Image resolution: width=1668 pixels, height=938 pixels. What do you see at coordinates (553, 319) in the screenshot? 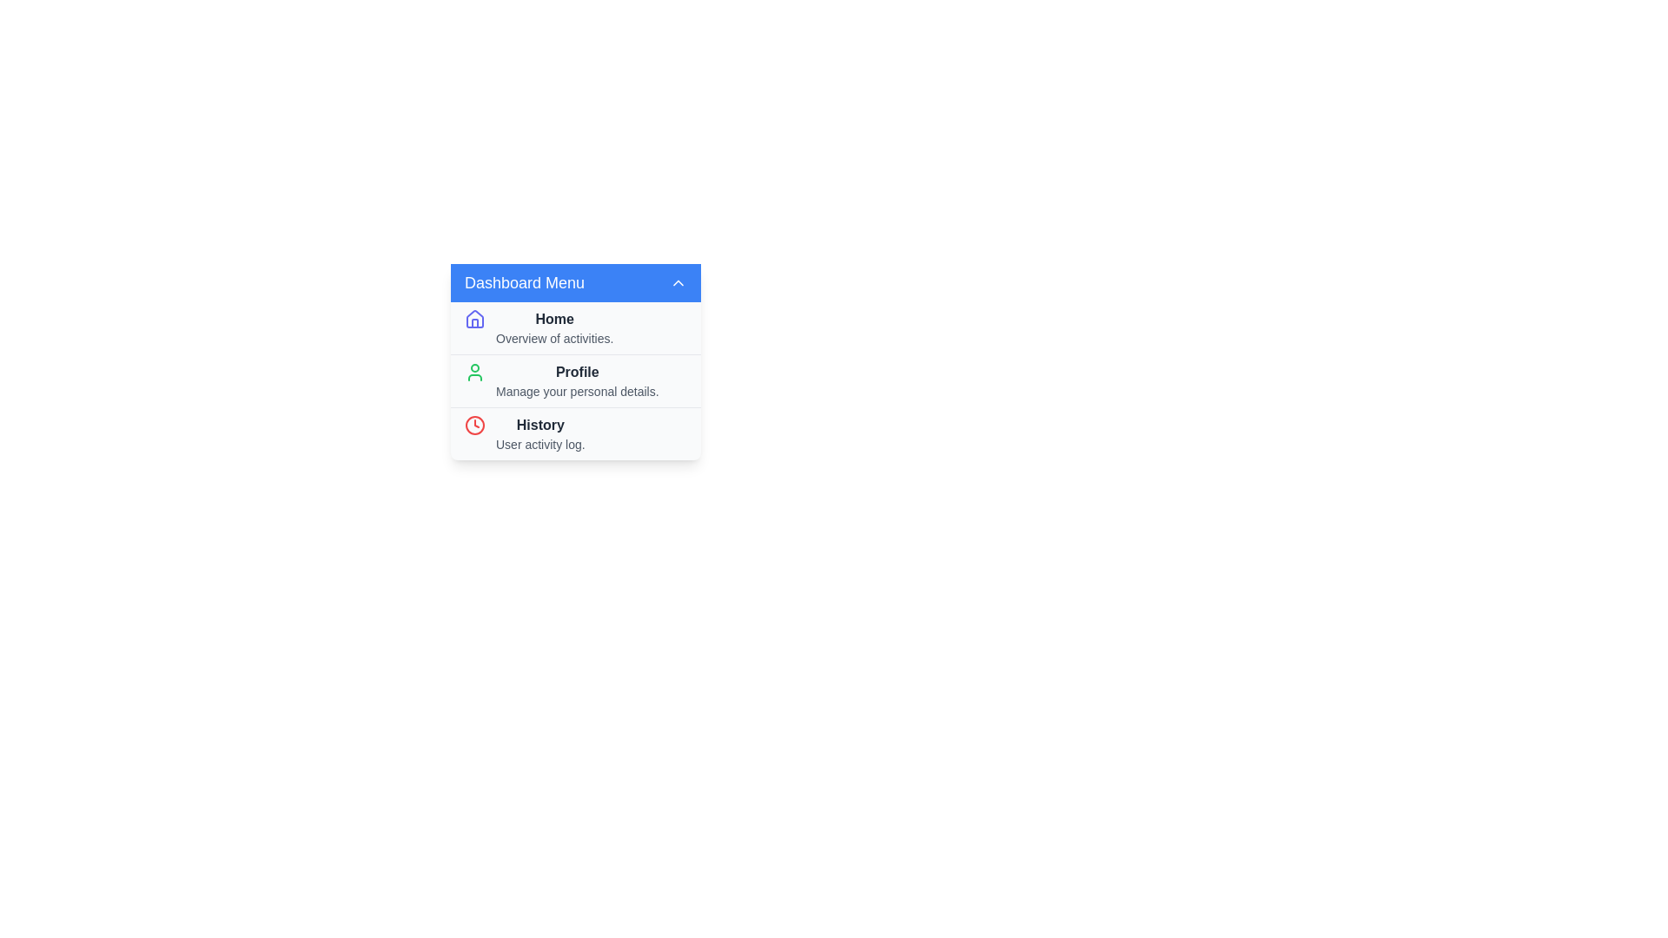
I see `text content of the 'Home' navigation label located at the top of the 'Dashboard Menu'` at bounding box center [553, 319].